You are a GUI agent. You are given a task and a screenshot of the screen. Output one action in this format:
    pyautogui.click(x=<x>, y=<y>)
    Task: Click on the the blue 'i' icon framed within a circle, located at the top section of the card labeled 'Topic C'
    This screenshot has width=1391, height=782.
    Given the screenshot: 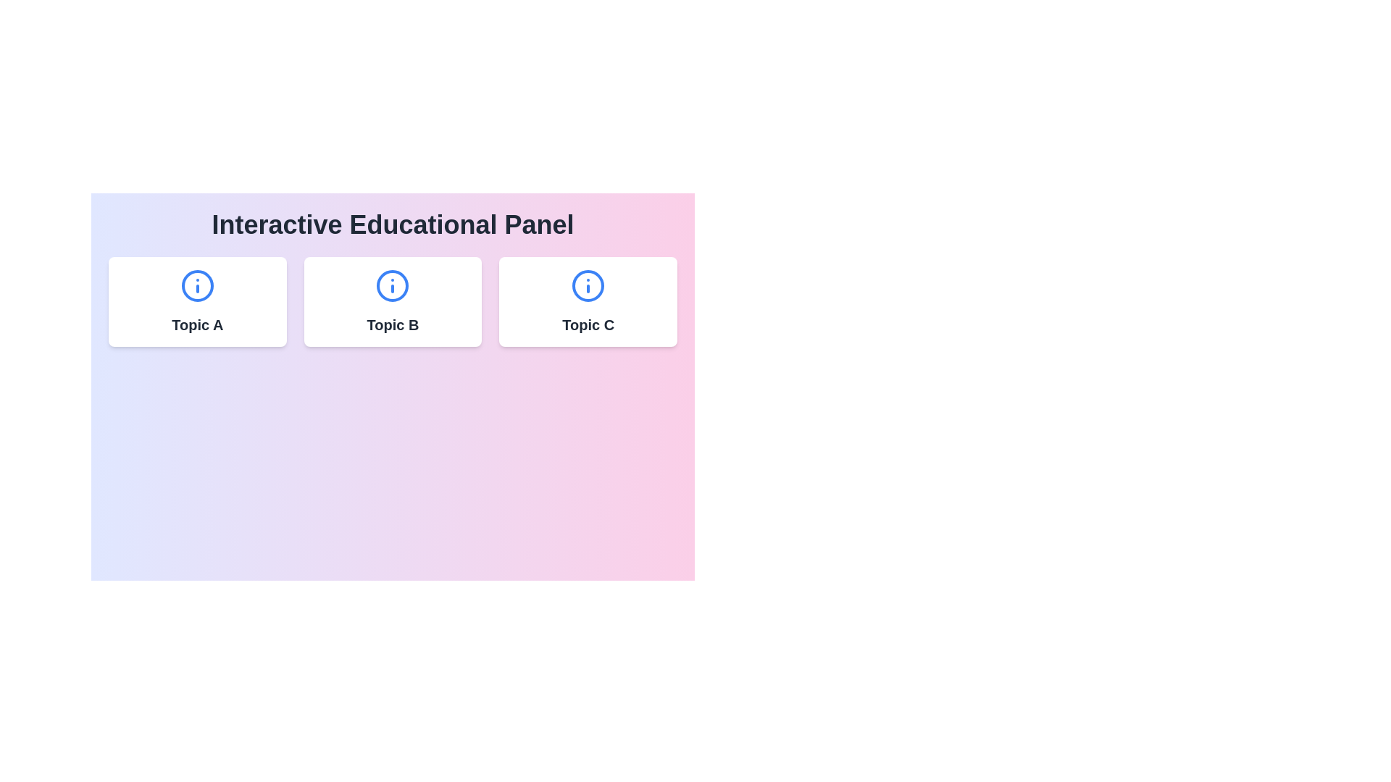 What is the action you would take?
    pyautogui.click(x=588, y=285)
    